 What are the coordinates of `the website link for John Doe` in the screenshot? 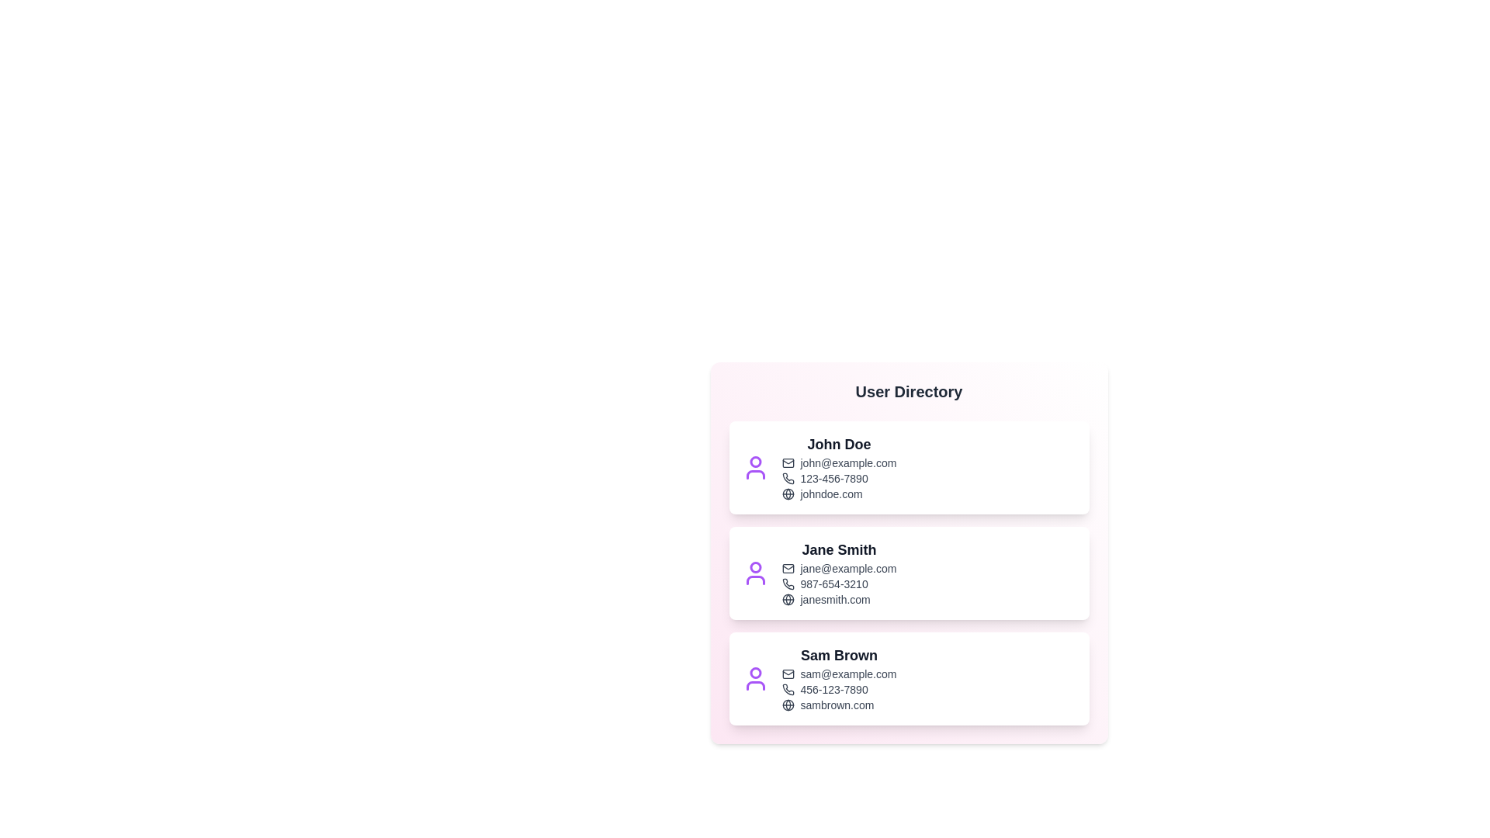 It's located at (838, 493).